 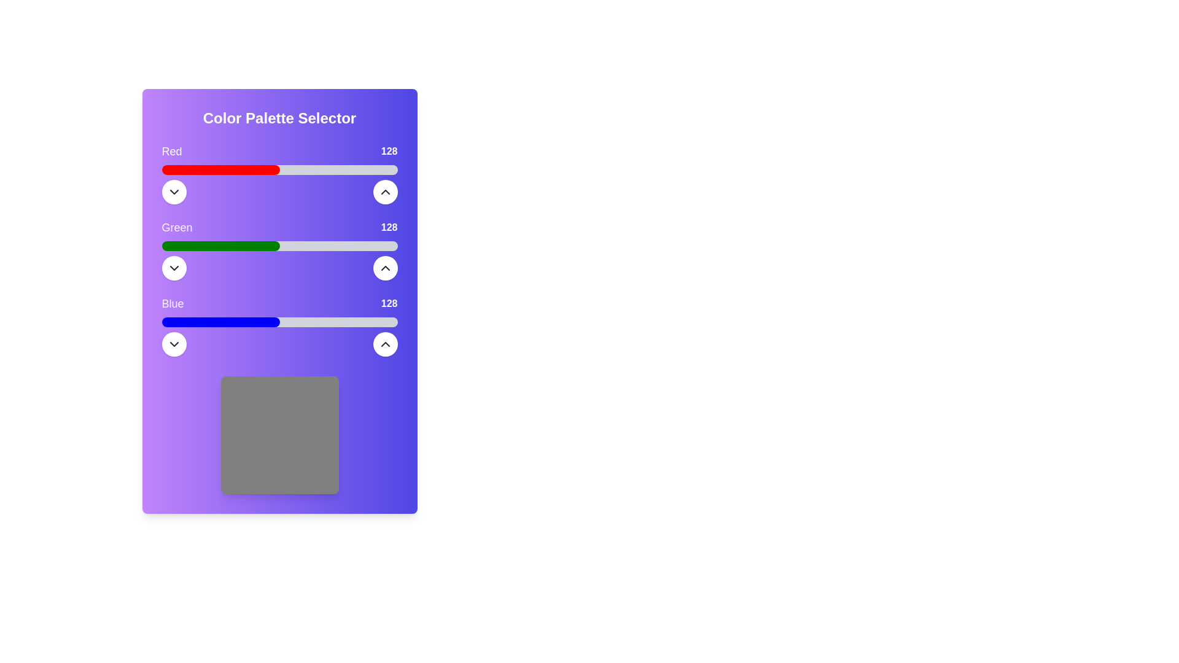 I want to click on the text label displaying 'Blue', which is styled prominently and aligned with the blue slider and the text '128' to its right, so click(x=172, y=303).